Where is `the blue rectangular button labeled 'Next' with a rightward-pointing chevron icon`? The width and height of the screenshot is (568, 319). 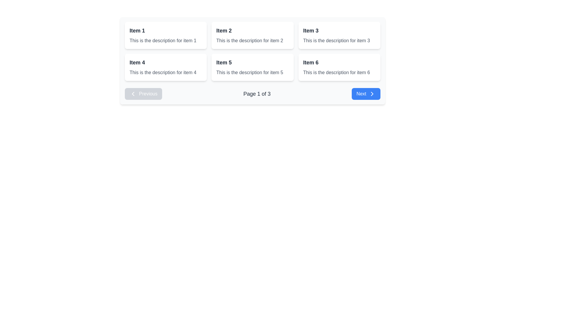 the blue rectangular button labeled 'Next' with a rightward-pointing chevron icon is located at coordinates (366, 93).